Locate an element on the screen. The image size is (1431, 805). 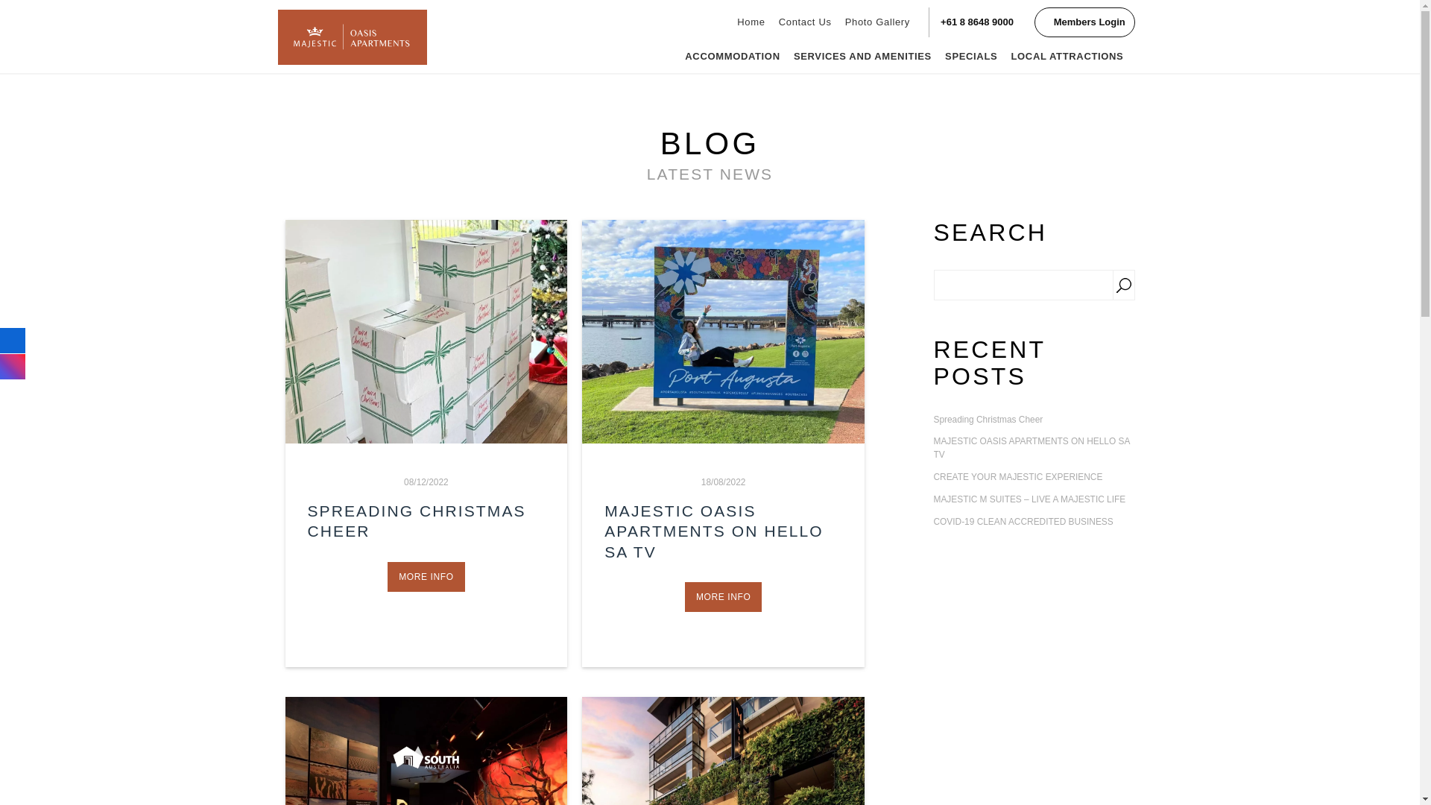
'Spreading Christmas Cheer' is located at coordinates (1033, 420).